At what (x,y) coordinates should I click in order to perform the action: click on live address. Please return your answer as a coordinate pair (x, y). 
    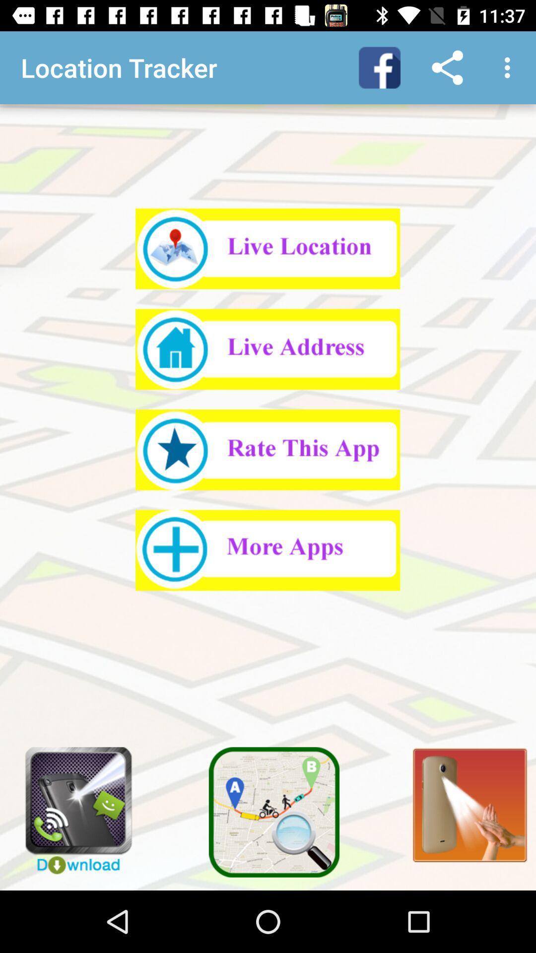
    Looking at the image, I should click on (267, 349).